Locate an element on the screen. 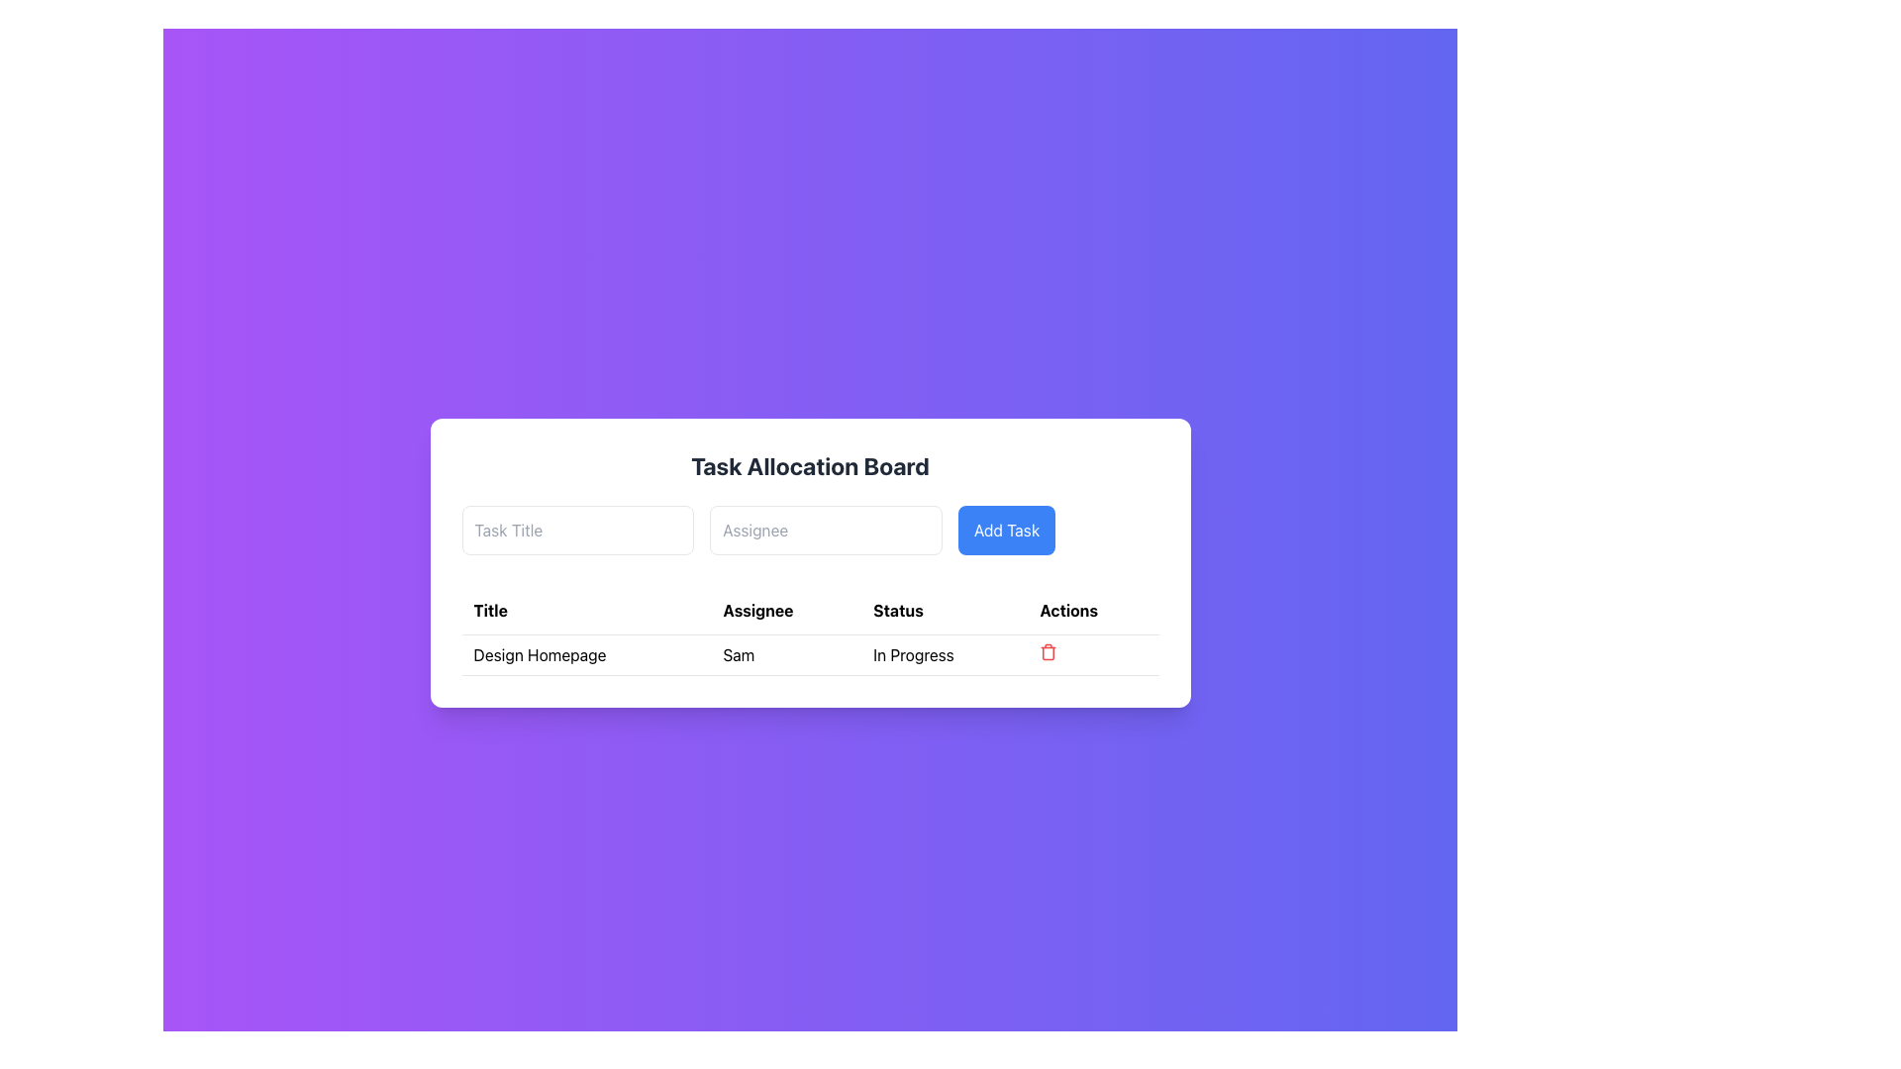  the task entry row containing the title 'Design Homepage', assigned is located at coordinates (810, 655).